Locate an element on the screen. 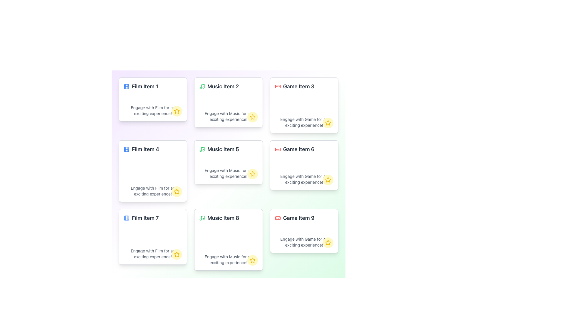  the decorative rectangle within the 'Film Item 1' icon, which is located in the first column and first row of the 3x3 grid layout is located at coordinates (126, 149).